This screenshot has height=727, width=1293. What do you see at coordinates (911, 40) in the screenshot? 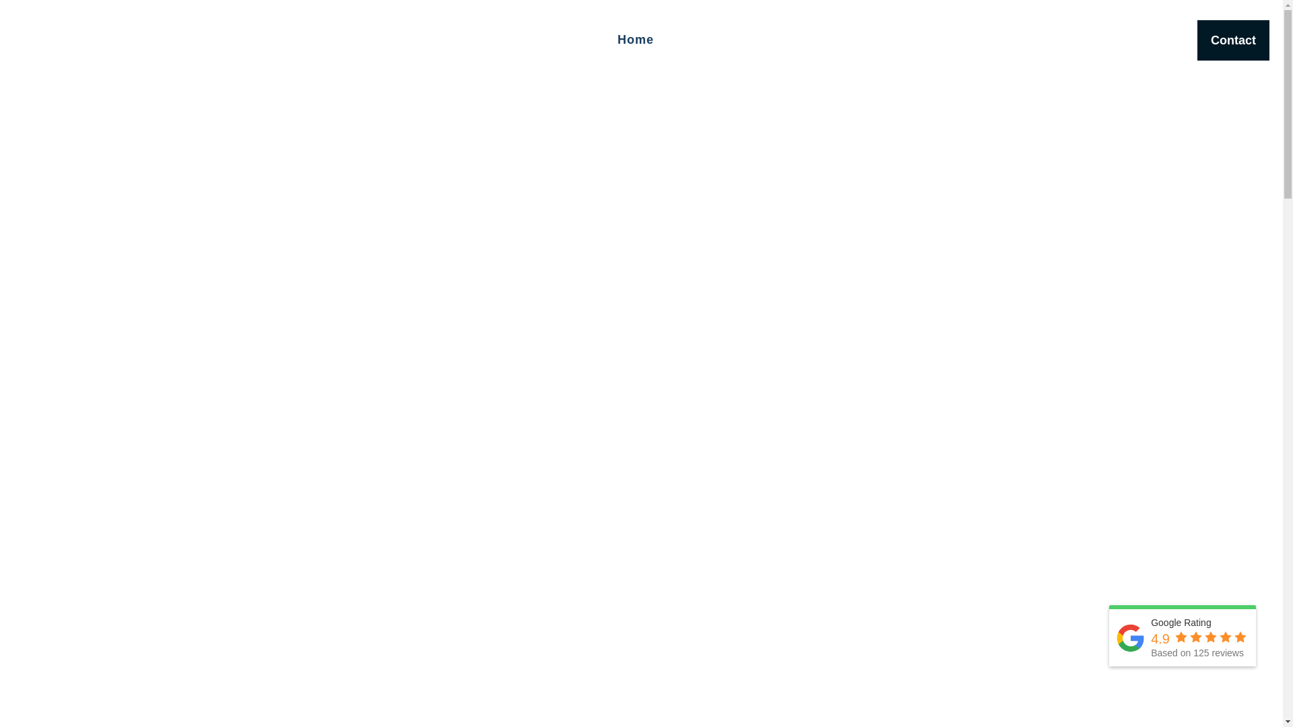
I see `'Rehab Protocols'` at bounding box center [911, 40].